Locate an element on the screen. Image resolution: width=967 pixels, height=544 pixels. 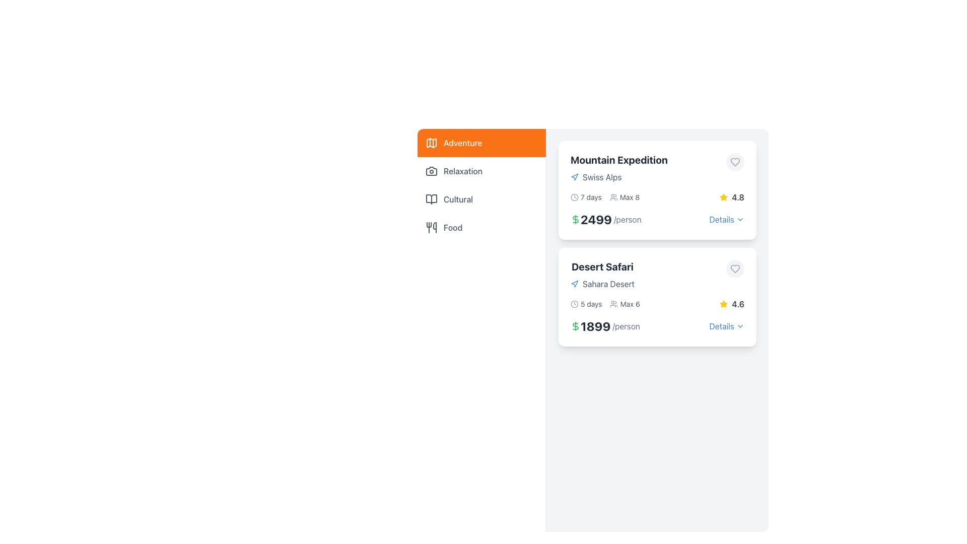
the dropdown icon to the right of the 'Details' text, which indicates an expandable section for the 'Mountain Expedition' is located at coordinates (740, 219).